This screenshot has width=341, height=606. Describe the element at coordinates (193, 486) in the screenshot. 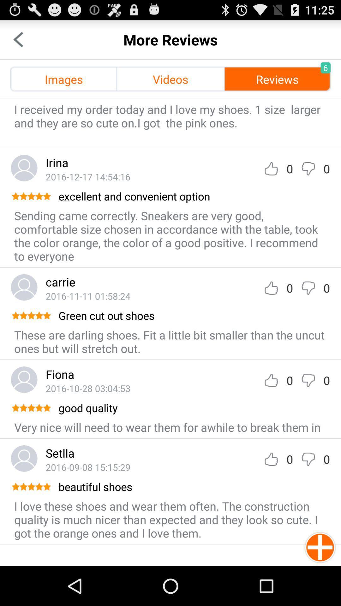

I see `the app below the 2016 09 08 item` at that location.